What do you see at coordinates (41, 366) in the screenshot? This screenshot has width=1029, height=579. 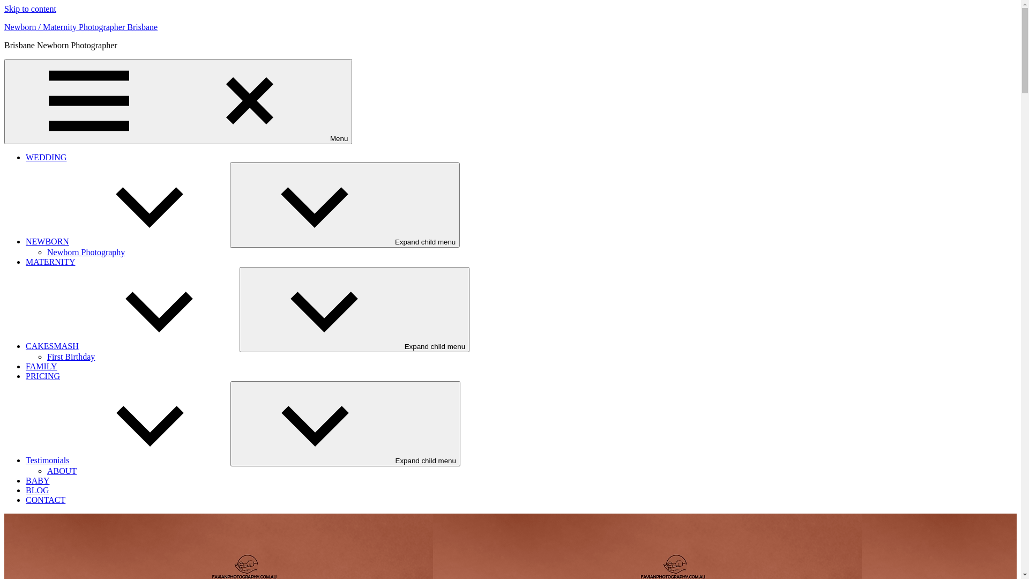 I see `'FAMILY'` at bounding box center [41, 366].